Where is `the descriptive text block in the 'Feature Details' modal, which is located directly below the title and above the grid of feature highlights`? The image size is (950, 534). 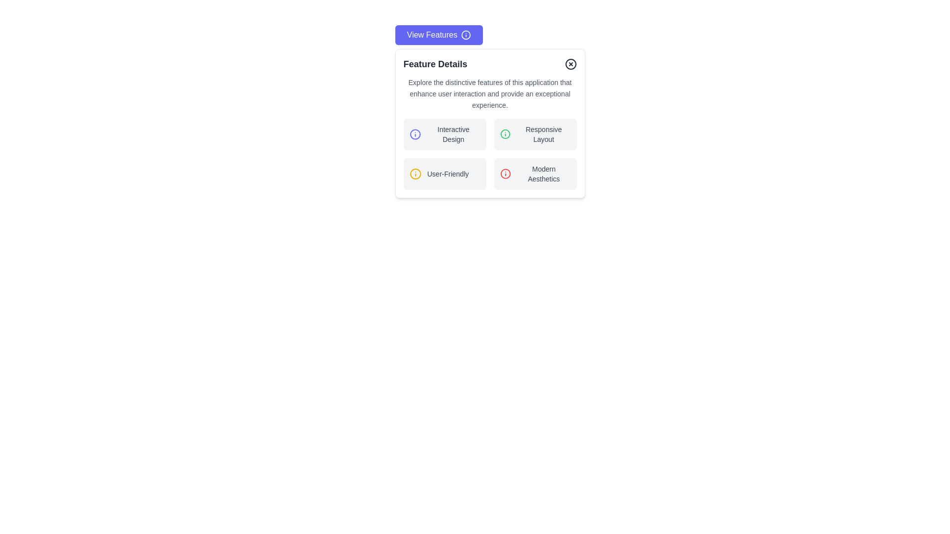
the descriptive text block in the 'Feature Details' modal, which is located directly below the title and above the grid of feature highlights is located at coordinates (490, 94).